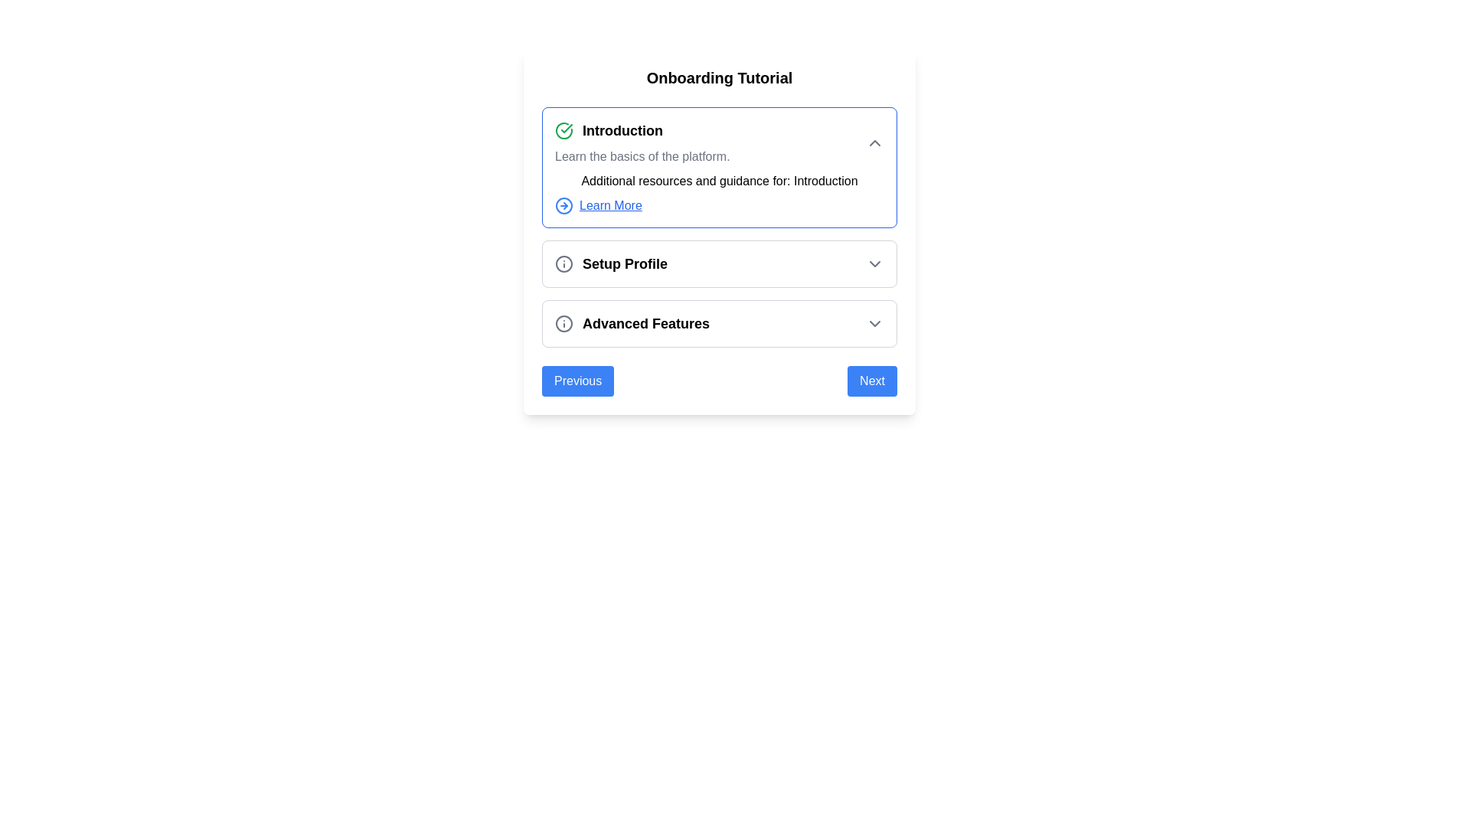 The height and width of the screenshot is (827, 1470). What do you see at coordinates (563, 263) in the screenshot?
I see `the circular icon with a thin outline and an exclamation mark, located to the left of the 'Setup Profile' text in the onboarding steps` at bounding box center [563, 263].